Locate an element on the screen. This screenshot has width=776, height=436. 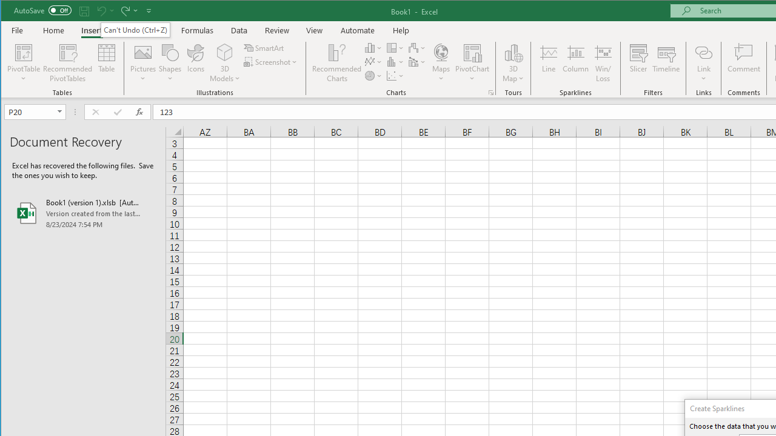
'Shapes' is located at coordinates (169, 63).